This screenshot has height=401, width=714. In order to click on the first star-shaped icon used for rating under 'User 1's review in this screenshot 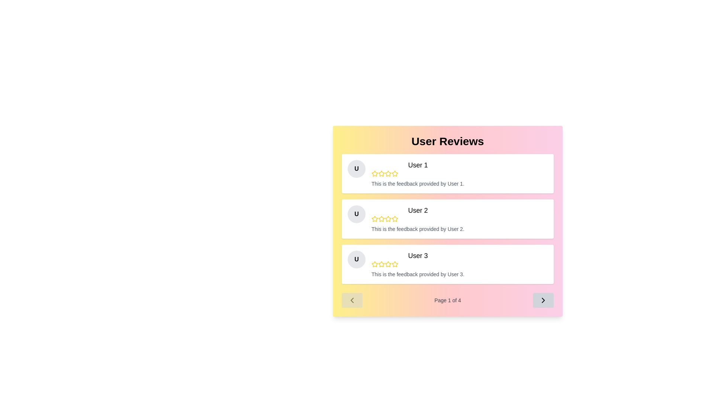, I will do `click(375, 173)`.